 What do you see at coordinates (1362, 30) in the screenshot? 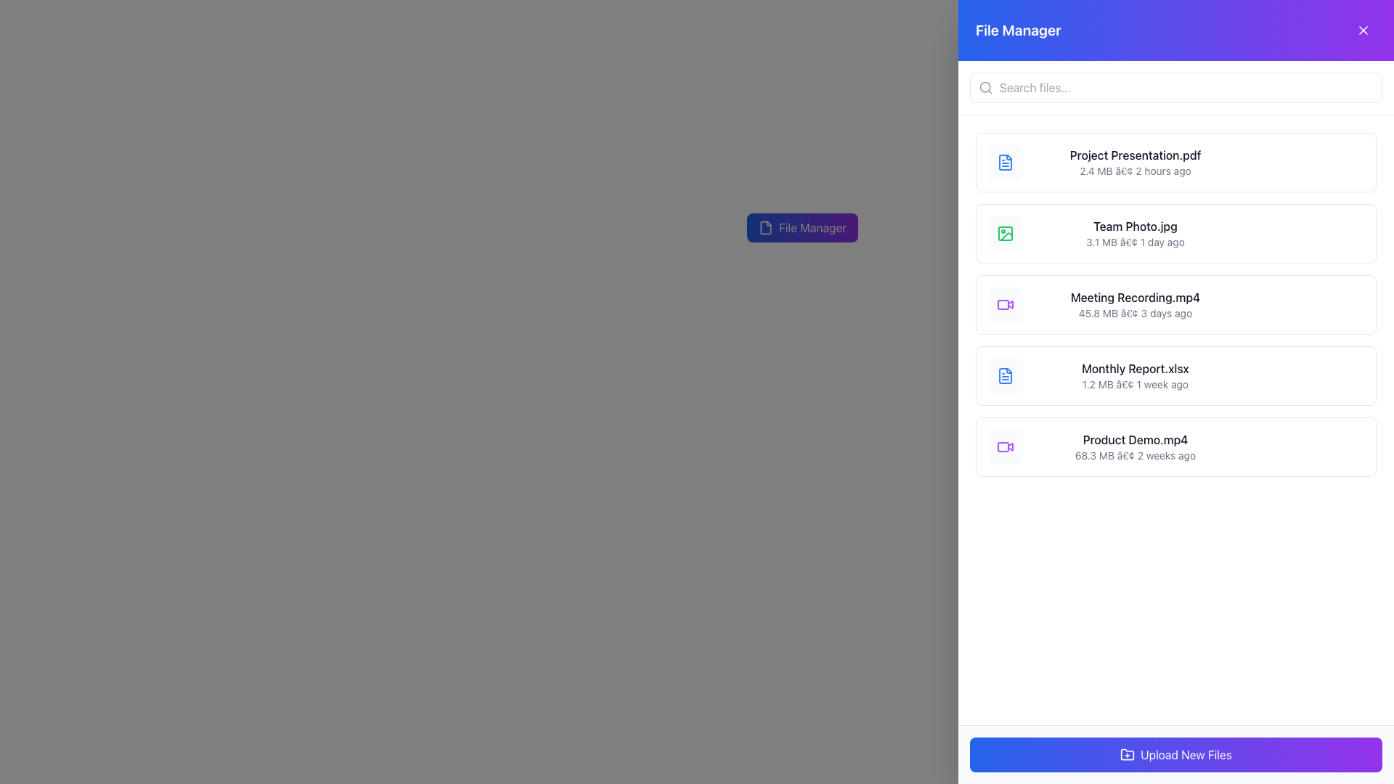
I see `the compact 'X' icon button located in the top-right corner of the 'File Manager' modal` at bounding box center [1362, 30].